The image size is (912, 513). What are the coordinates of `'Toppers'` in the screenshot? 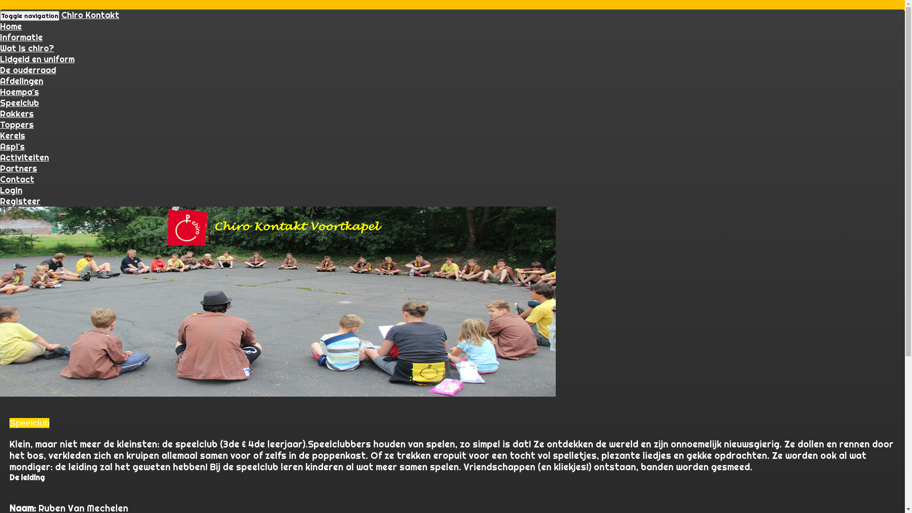 It's located at (17, 124).